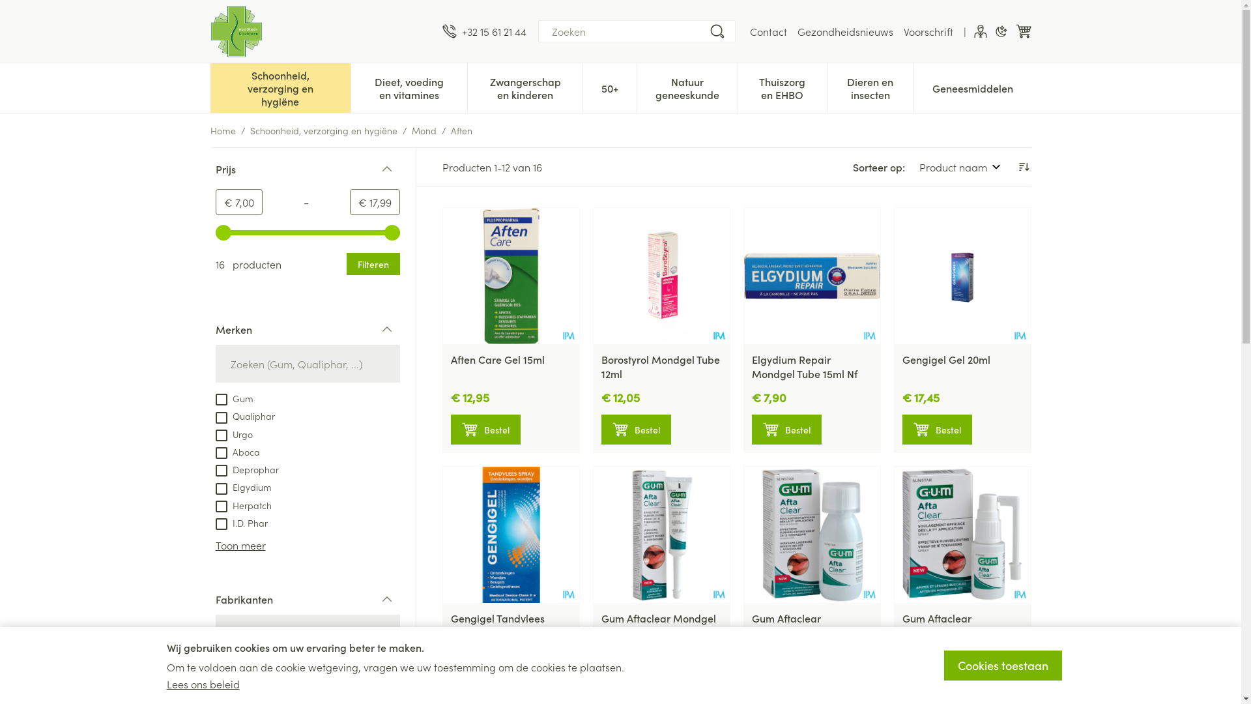 The height and width of the screenshot is (704, 1251). Describe the element at coordinates (609, 86) in the screenshot. I see `'50+'` at that location.